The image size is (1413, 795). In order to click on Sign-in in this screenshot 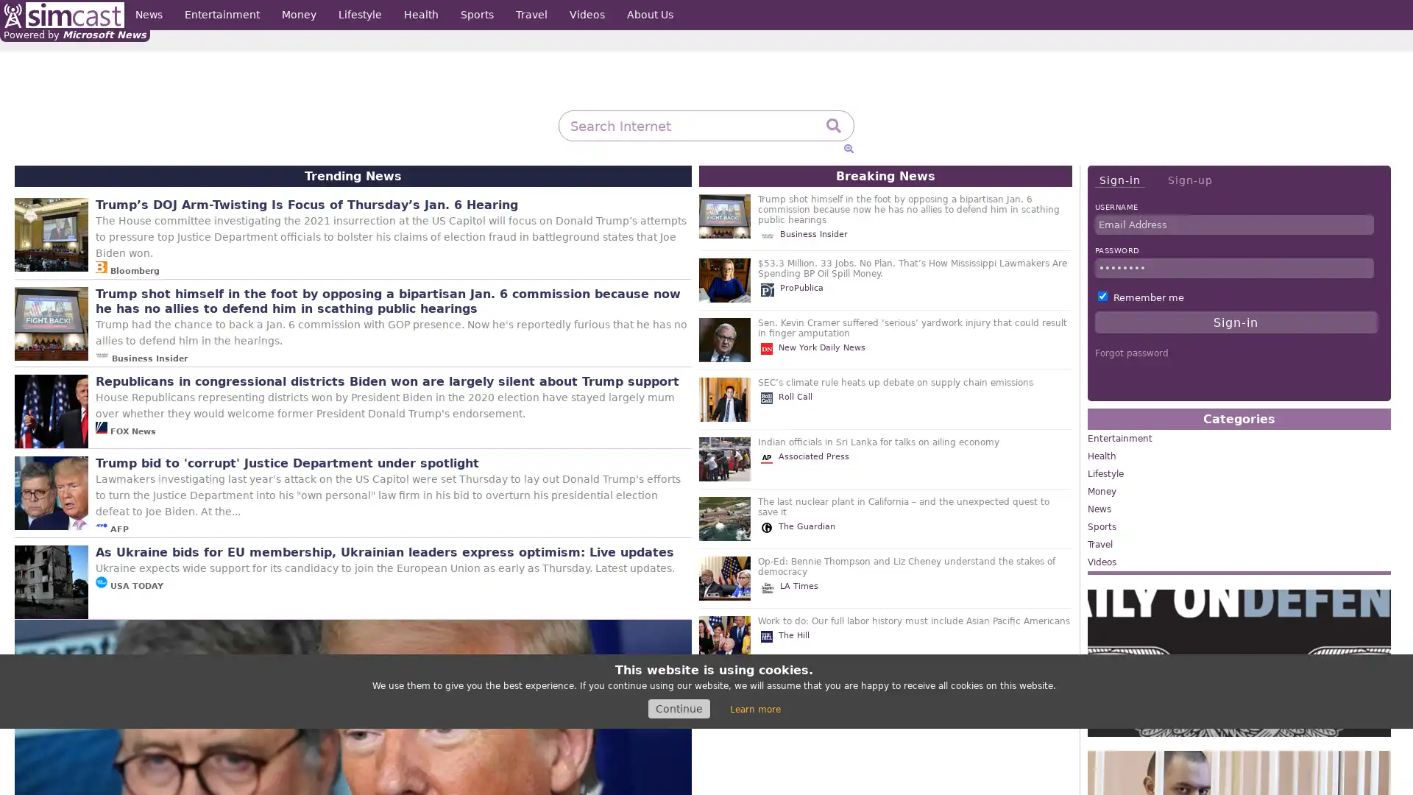, I will do `click(1236, 322)`.